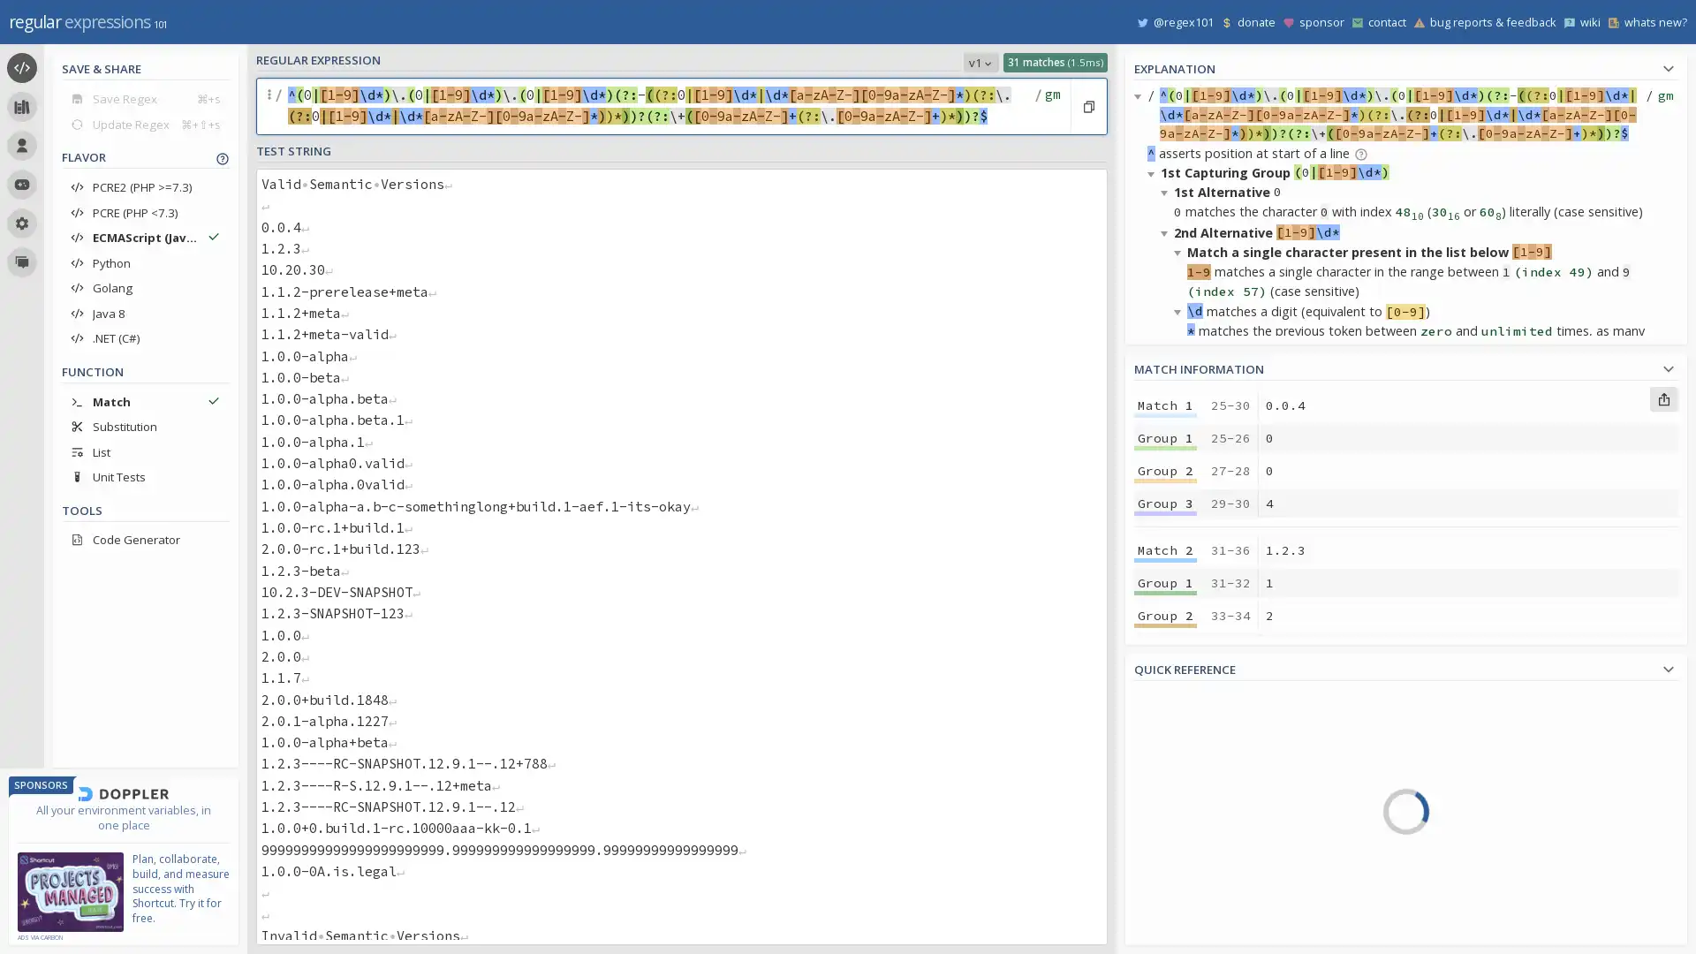 This screenshot has height=954, width=1696. Describe the element at coordinates (1180, 691) in the screenshot. I see `Collapse Subtree` at that location.